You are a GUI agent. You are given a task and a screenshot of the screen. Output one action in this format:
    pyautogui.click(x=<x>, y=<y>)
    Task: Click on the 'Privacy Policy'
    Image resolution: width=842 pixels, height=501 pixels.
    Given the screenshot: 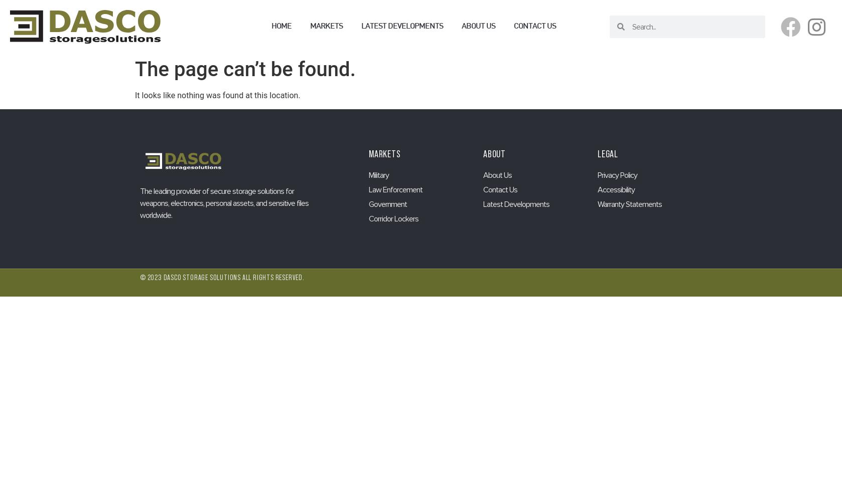 What is the action you would take?
    pyautogui.click(x=617, y=174)
    